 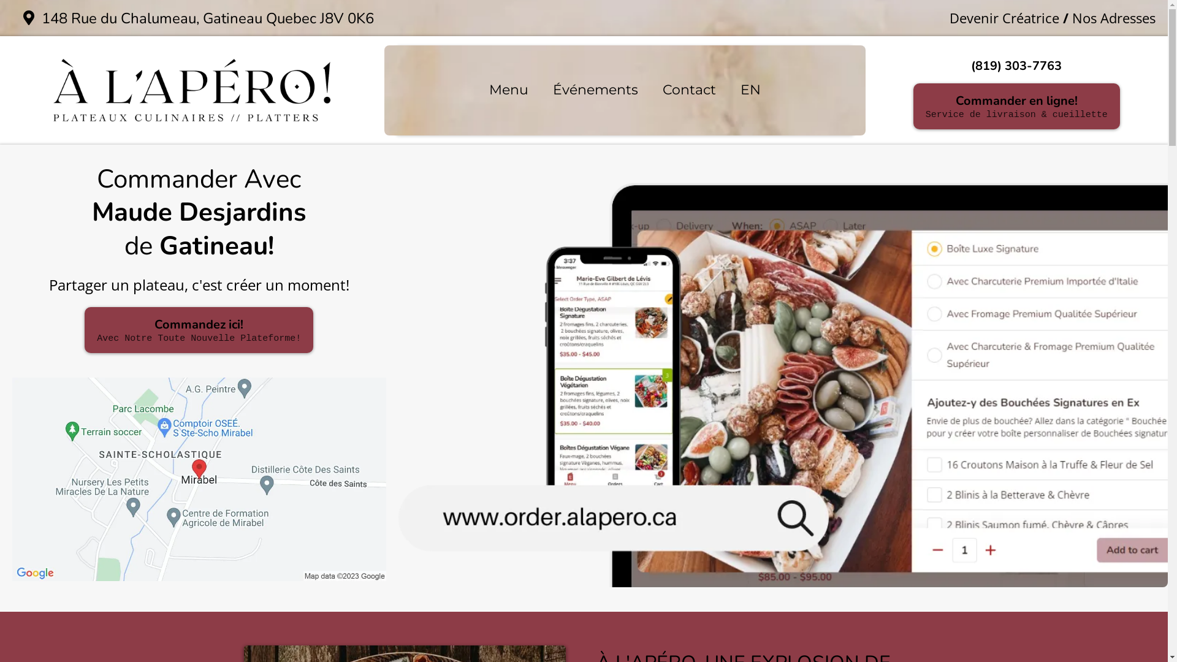 What do you see at coordinates (1114, 18) in the screenshot?
I see `'Nos Adresses'` at bounding box center [1114, 18].